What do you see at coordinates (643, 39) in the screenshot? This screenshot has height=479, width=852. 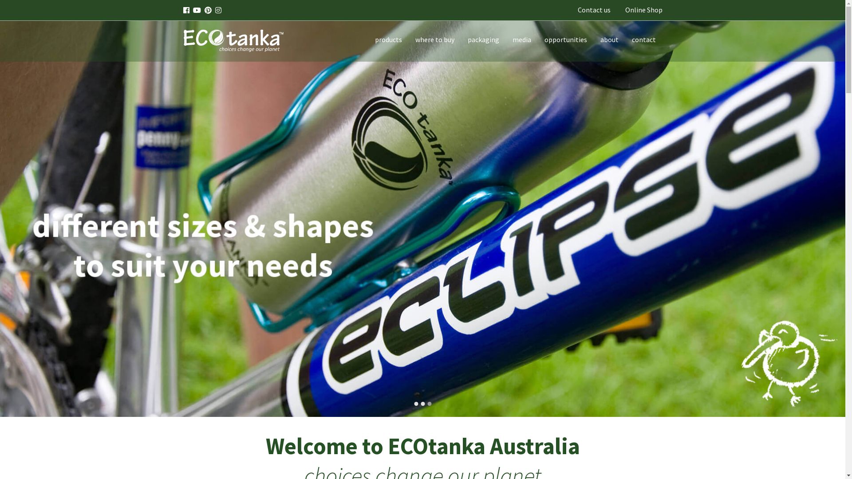 I see `'contact'` at bounding box center [643, 39].